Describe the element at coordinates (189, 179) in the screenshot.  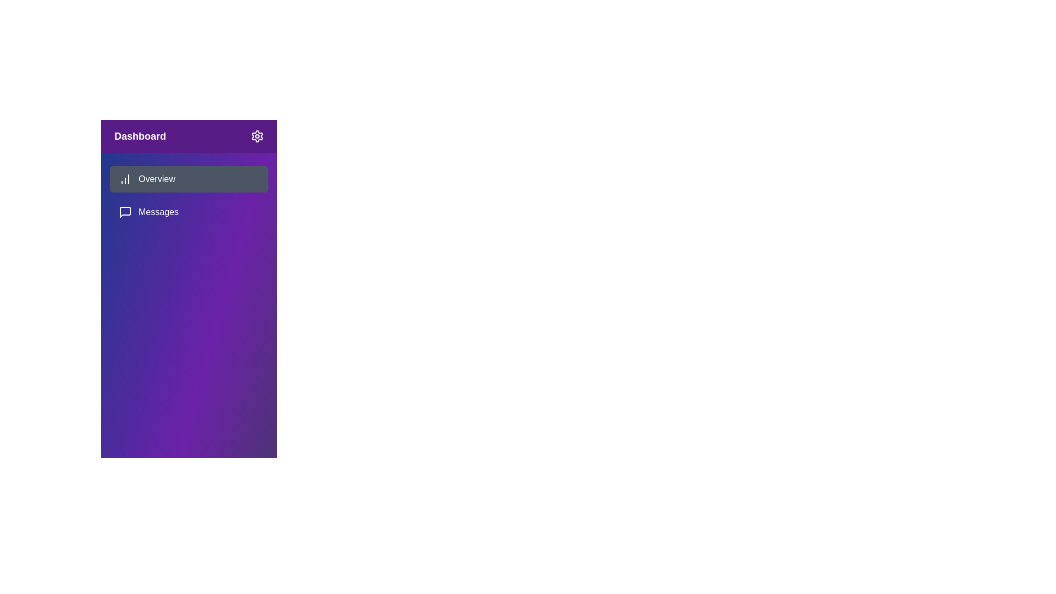
I see `the menu item Overview to observe the hover effect` at that location.